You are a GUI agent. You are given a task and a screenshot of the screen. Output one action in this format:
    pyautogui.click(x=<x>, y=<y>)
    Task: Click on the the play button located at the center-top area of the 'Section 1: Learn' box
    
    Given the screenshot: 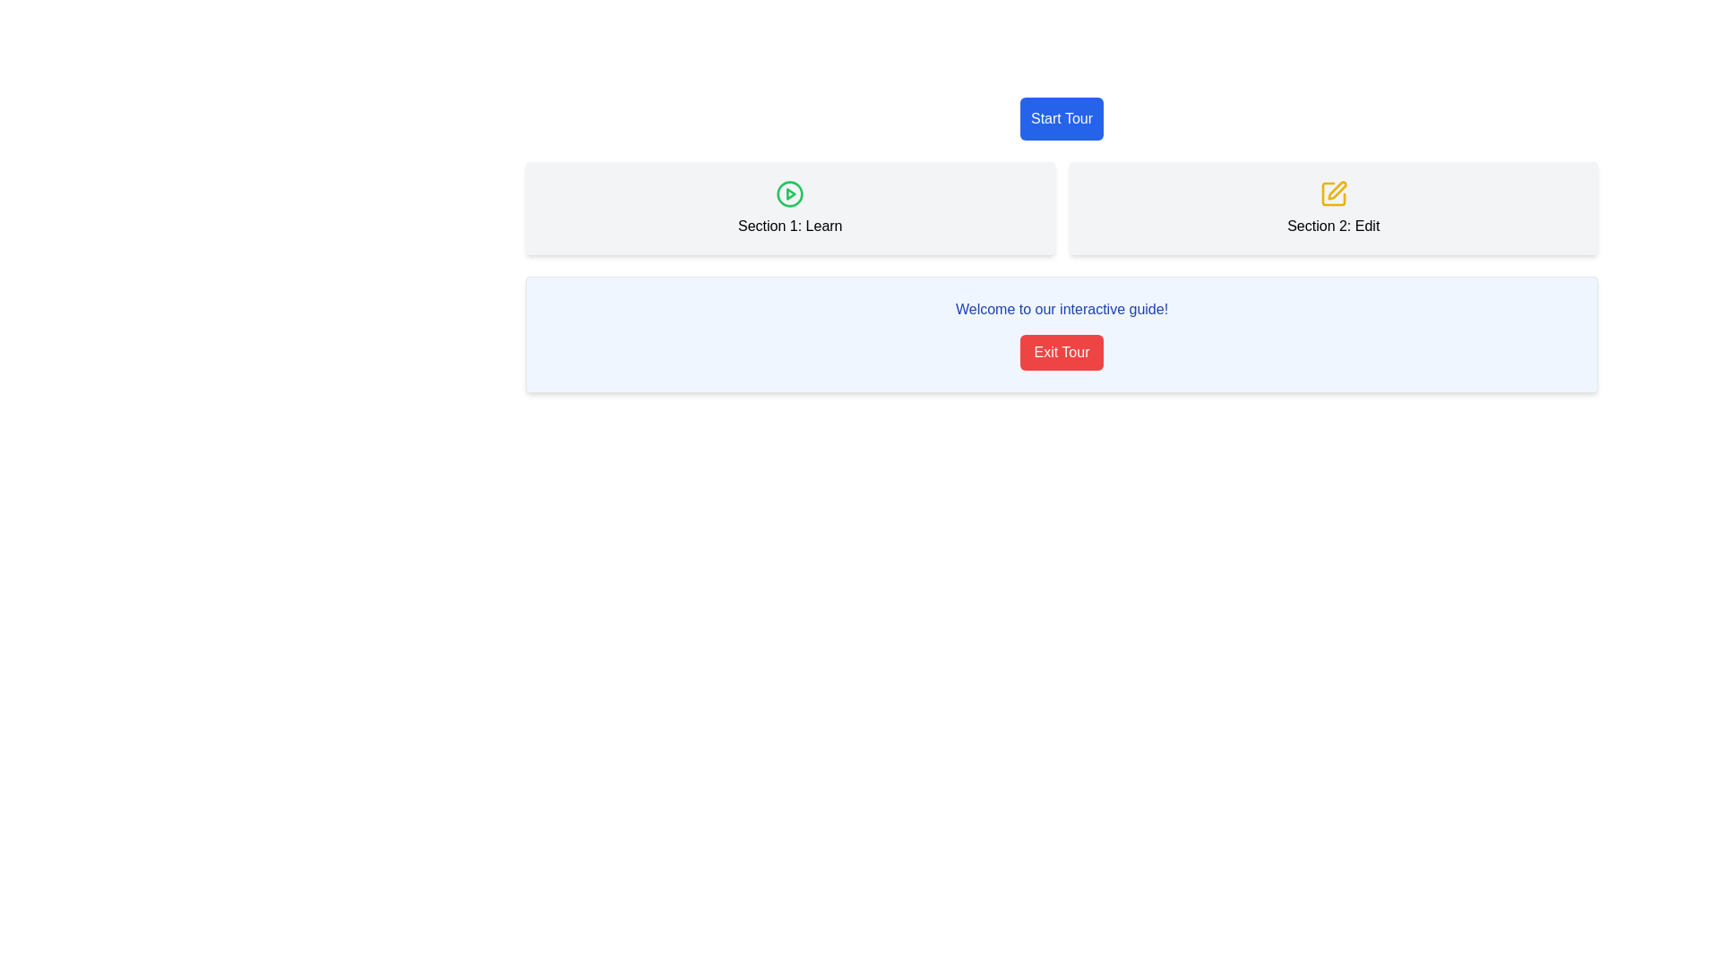 What is the action you would take?
    pyautogui.click(x=789, y=193)
    